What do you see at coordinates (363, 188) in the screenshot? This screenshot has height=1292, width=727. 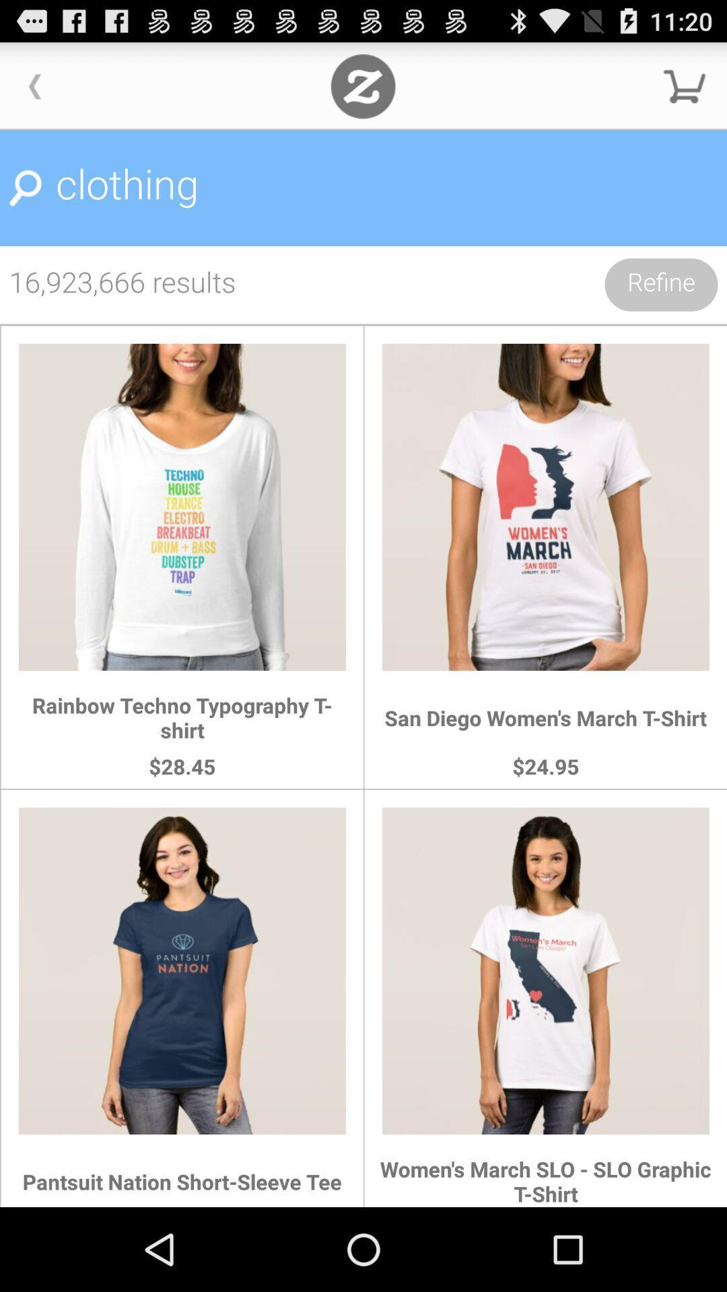 I see `the icon above the refine item` at bounding box center [363, 188].